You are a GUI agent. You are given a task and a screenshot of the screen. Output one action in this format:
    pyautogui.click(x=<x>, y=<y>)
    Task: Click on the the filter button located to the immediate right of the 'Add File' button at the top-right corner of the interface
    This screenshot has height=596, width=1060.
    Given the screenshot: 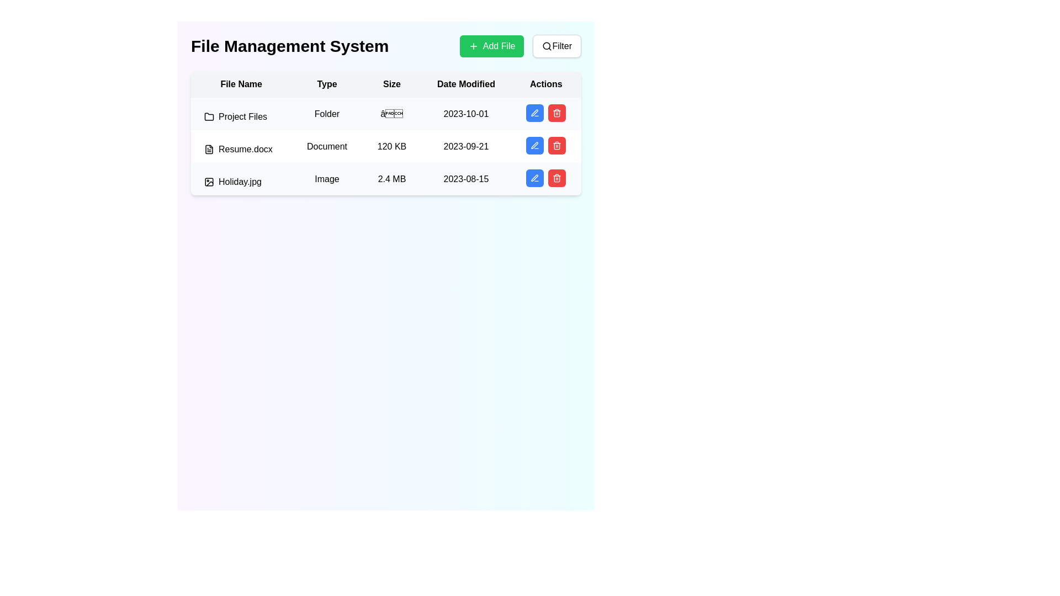 What is the action you would take?
    pyautogui.click(x=557, y=46)
    